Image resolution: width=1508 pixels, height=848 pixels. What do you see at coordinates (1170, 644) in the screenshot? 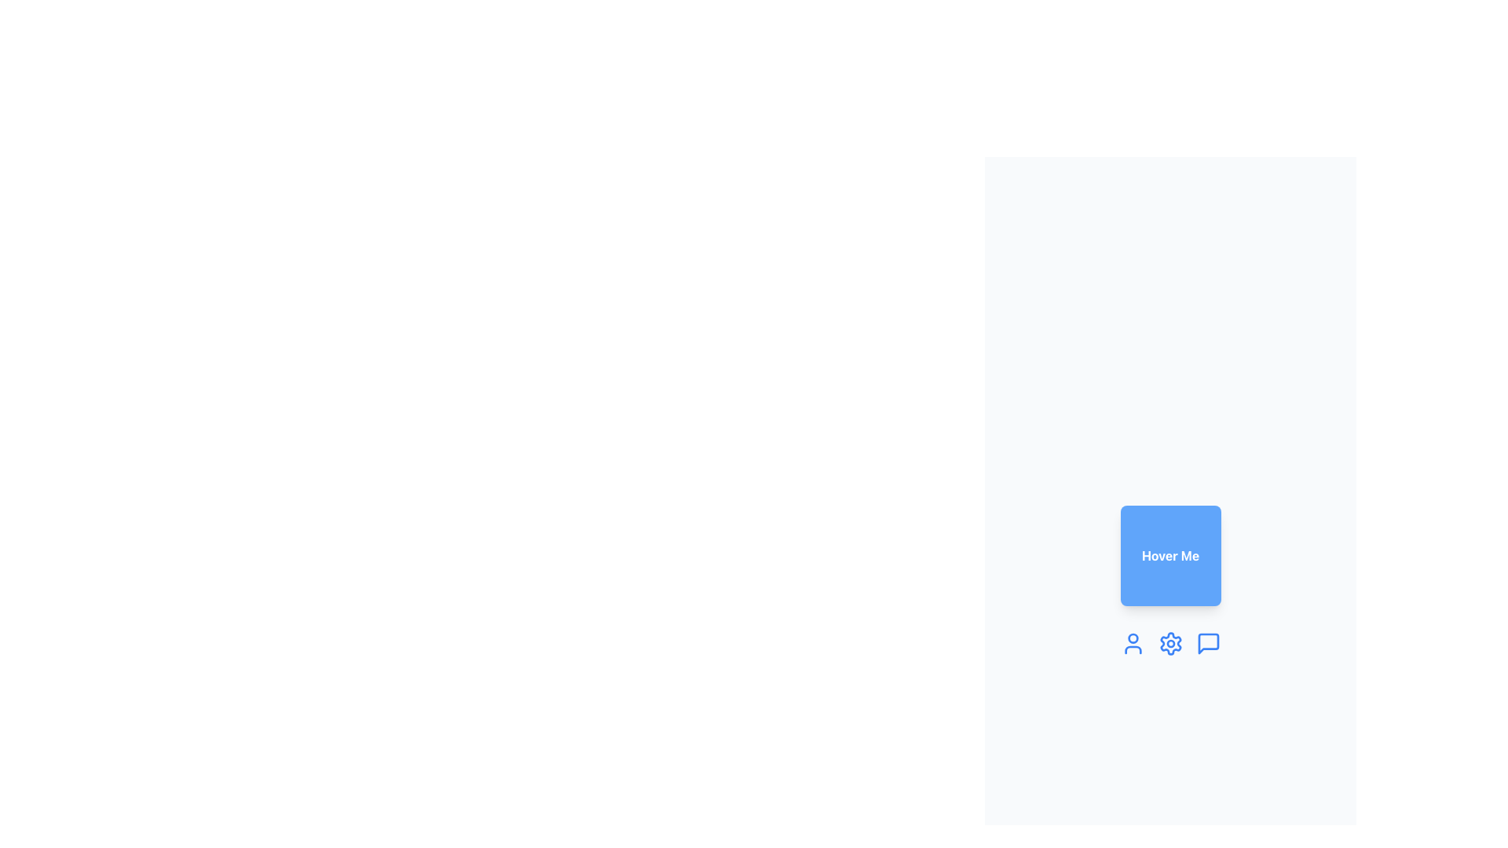
I see `the middle blue icon located directly beneath the 'Hover Me' button` at bounding box center [1170, 644].